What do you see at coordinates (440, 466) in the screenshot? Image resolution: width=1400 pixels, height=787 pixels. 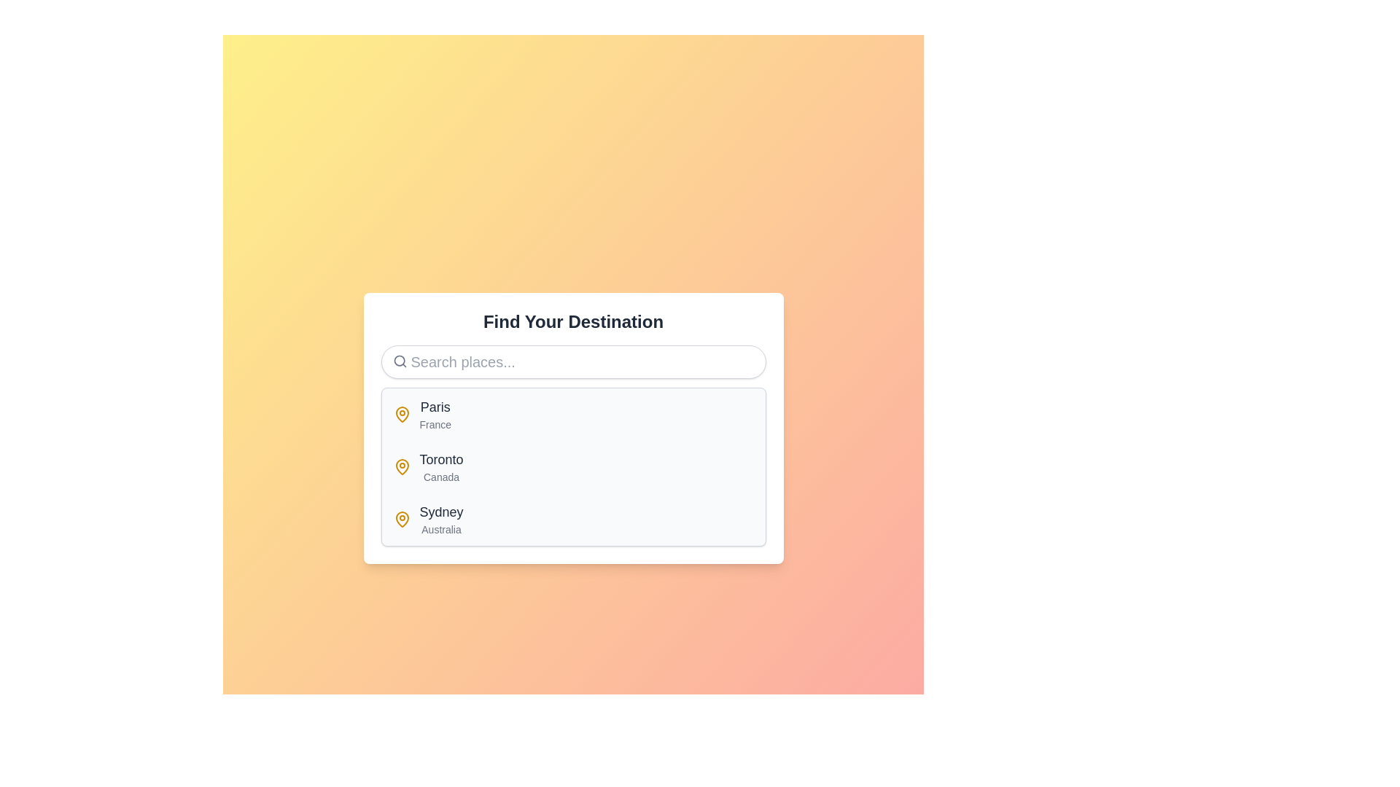 I see `the text block displaying 'Toronto' and 'Canada'` at bounding box center [440, 466].